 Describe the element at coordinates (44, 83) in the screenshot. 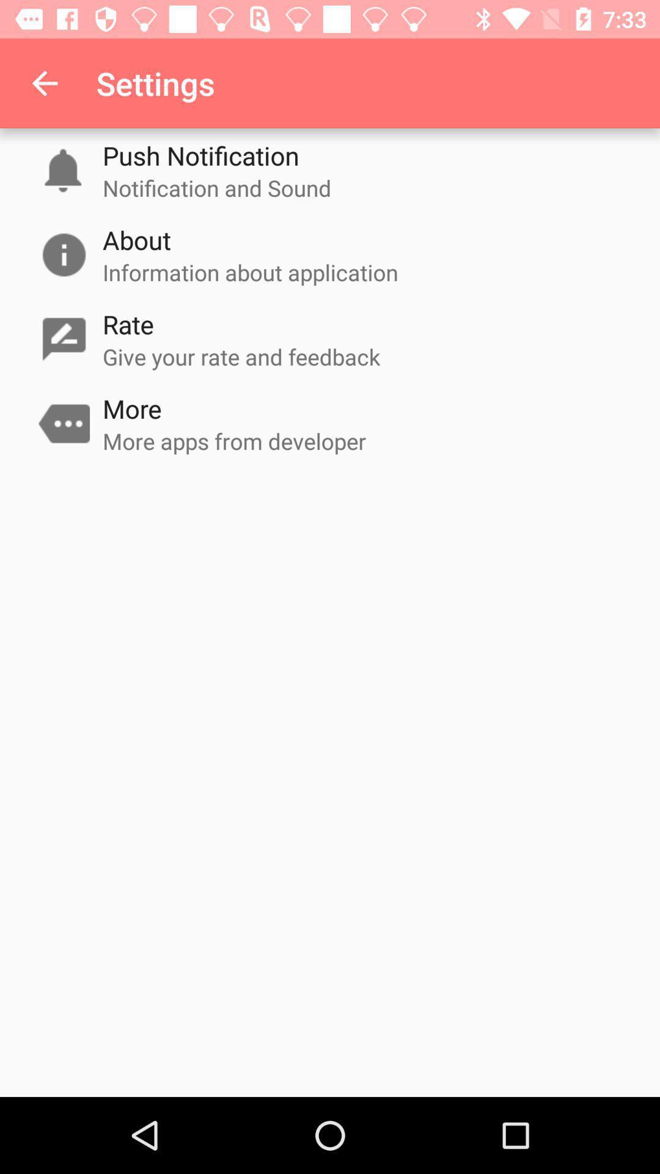

I see `item to the left of settings` at that location.